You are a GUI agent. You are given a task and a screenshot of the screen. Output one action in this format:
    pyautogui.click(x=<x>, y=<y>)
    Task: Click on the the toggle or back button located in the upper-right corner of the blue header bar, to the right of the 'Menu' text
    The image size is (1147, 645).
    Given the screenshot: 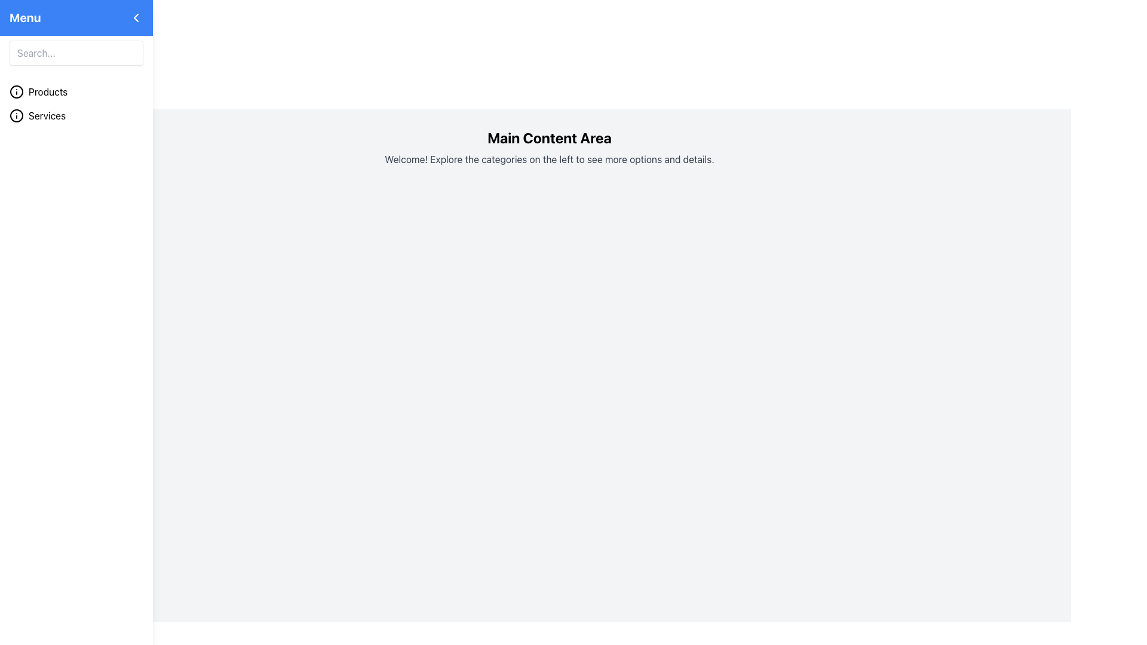 What is the action you would take?
    pyautogui.click(x=136, y=18)
    